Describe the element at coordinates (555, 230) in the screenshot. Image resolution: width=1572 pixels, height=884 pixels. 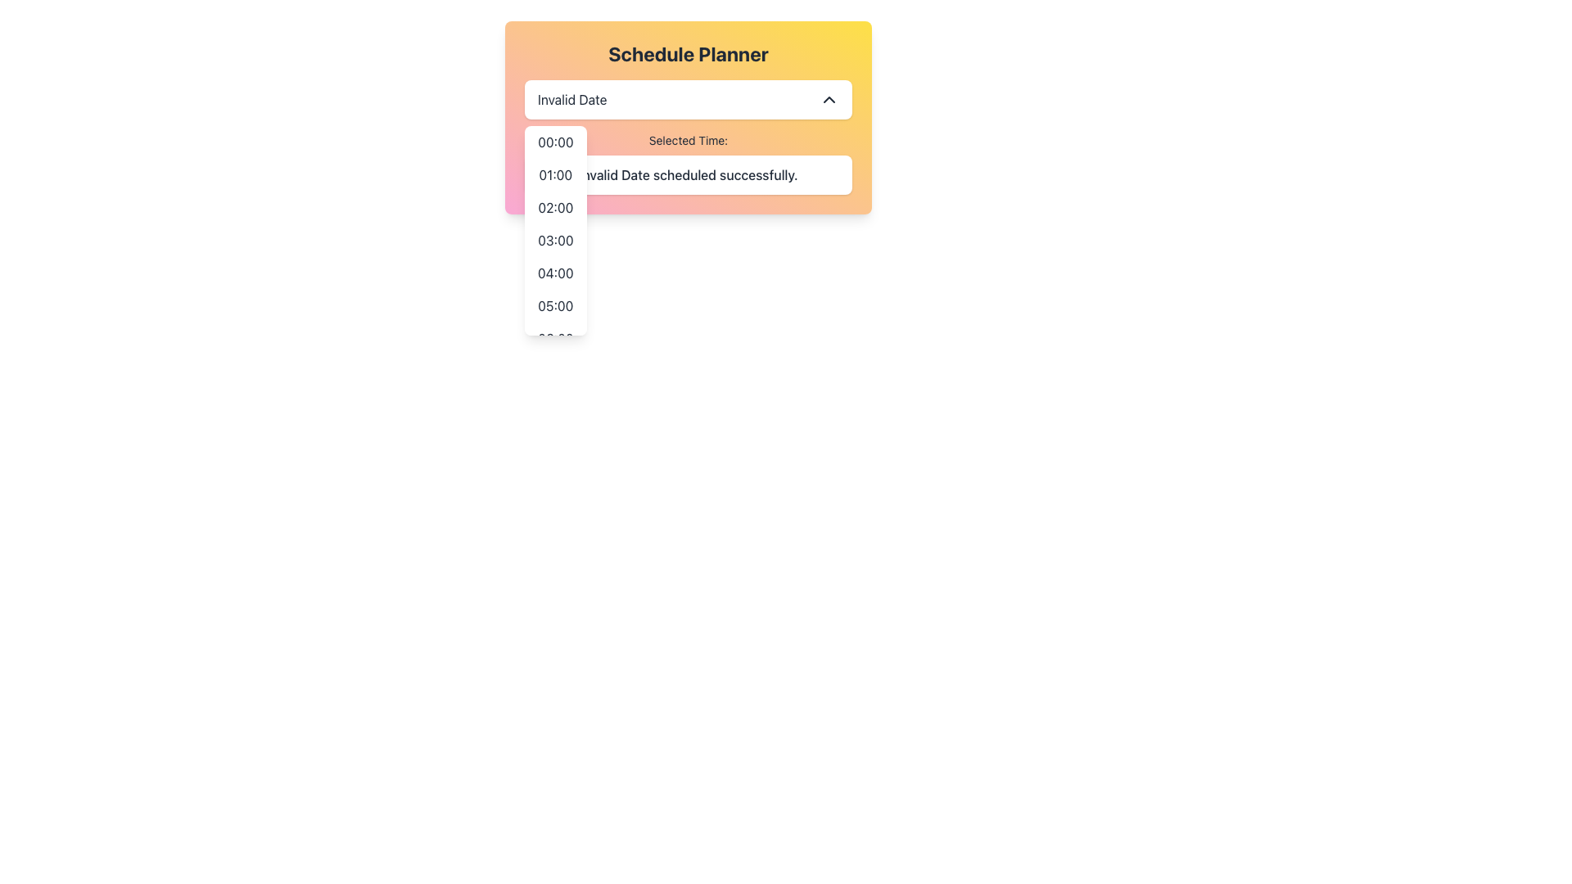
I see `the fourth item in the dropdown menu labeled '03:00'` at that location.